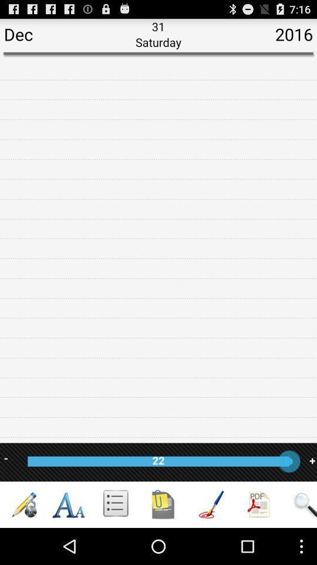 Image resolution: width=317 pixels, height=565 pixels. I want to click on the search icon, so click(304, 540).